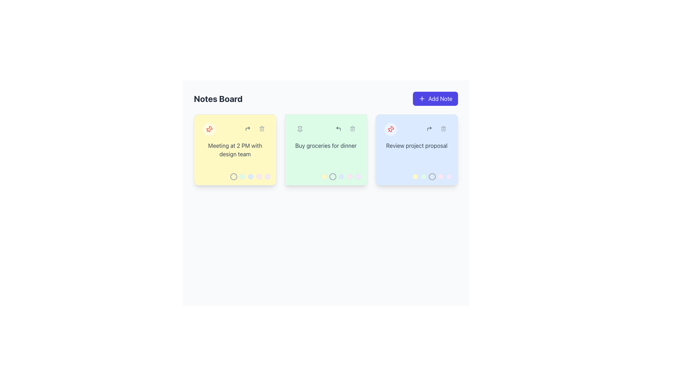 The image size is (677, 381). What do you see at coordinates (390, 129) in the screenshot?
I see `the pin icon button located at the top-left corner of the blue note card titled 'Review project proposal'` at bounding box center [390, 129].